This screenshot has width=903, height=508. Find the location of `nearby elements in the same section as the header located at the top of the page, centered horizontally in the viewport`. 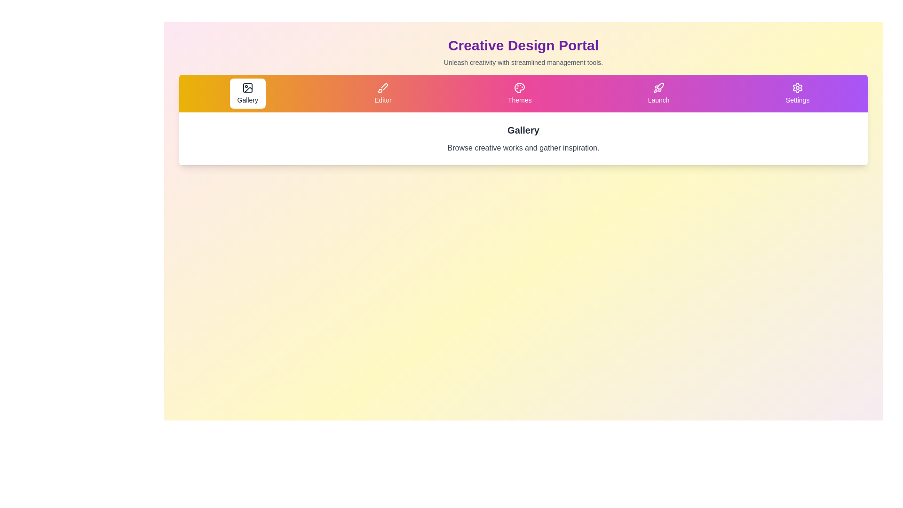

nearby elements in the same section as the header located at the top of the page, centered horizontally in the viewport is located at coordinates (523, 52).